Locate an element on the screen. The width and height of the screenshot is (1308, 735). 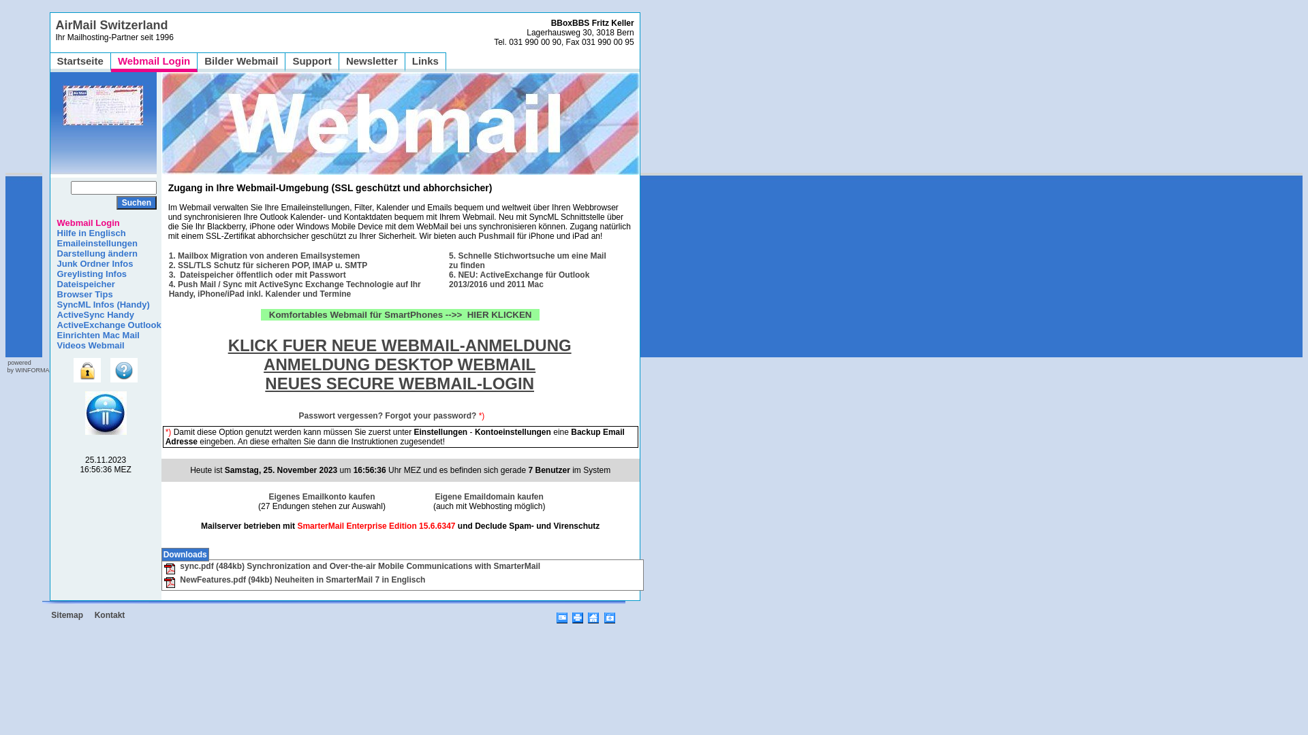
'Videos Webmail' is located at coordinates (87, 344).